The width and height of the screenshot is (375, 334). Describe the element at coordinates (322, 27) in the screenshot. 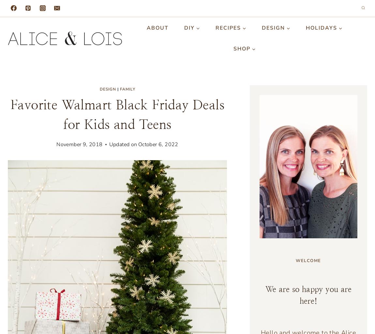

I see `'Holidays'` at that location.